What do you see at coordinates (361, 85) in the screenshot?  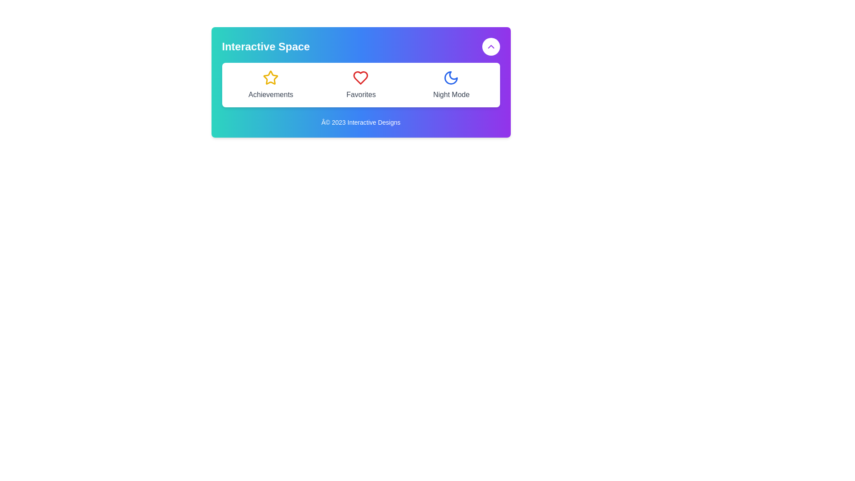 I see `the central icon and label in the navigation panel, which is associated with 'Favorites' represented by a red heart icon` at bounding box center [361, 85].